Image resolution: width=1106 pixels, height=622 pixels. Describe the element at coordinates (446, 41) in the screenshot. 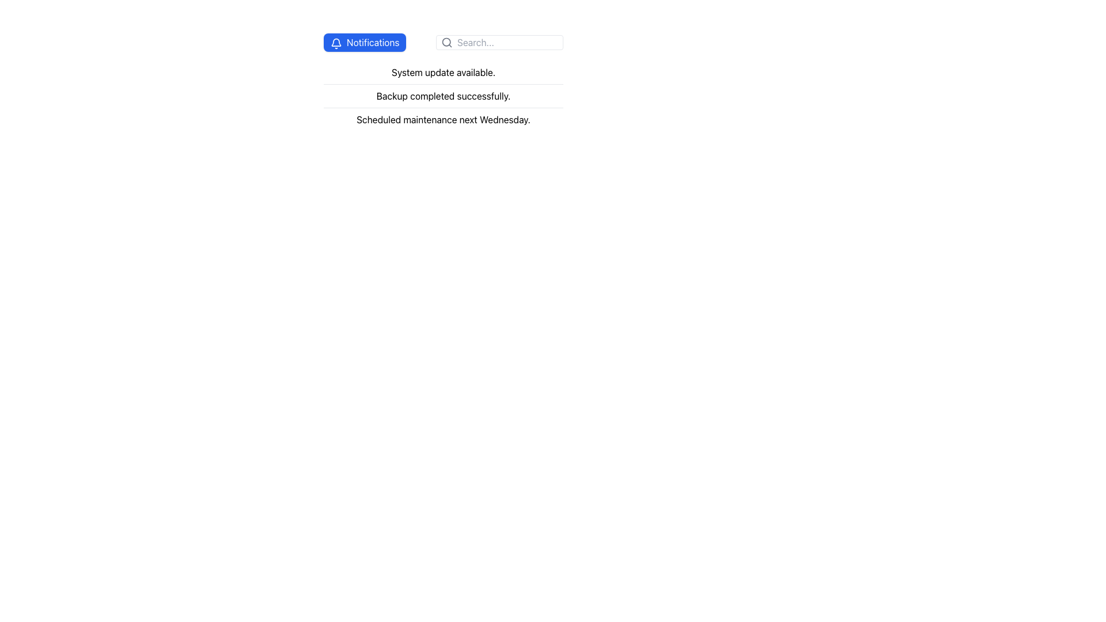

I see `the circle element that represents the lens portion of the magnifying glass icon located near the top right above the notifications list` at that location.